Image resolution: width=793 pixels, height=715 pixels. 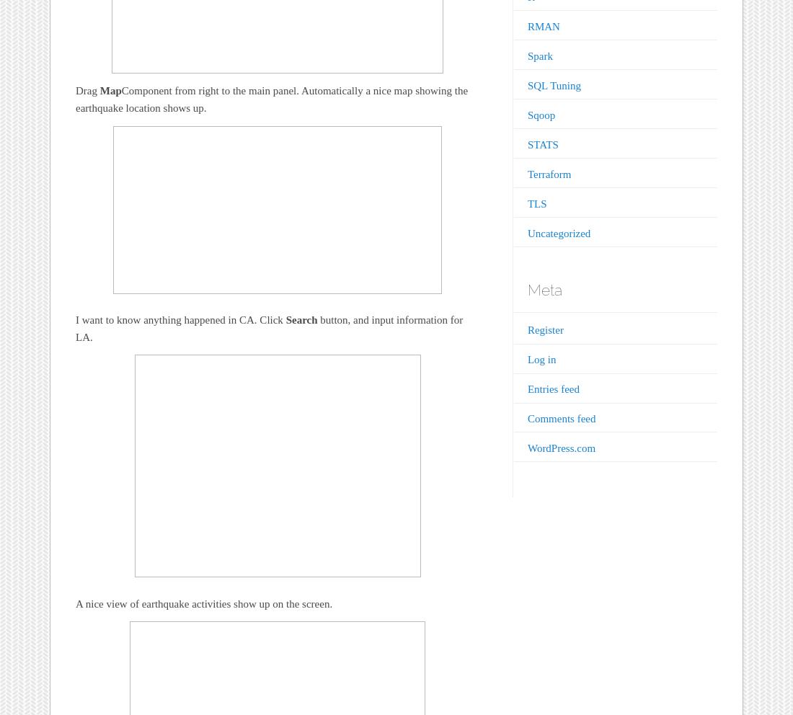 I want to click on 'Comments feed', so click(x=526, y=418).